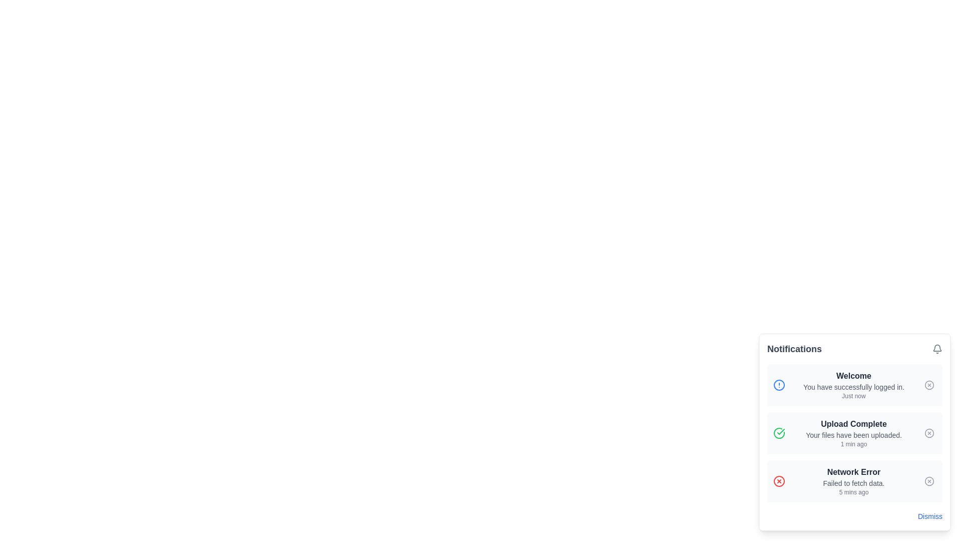 This screenshot has height=541, width=961. What do you see at coordinates (929, 384) in the screenshot?
I see `the close button located in the top-right corner of the notification card titled 'Welcome'` at bounding box center [929, 384].